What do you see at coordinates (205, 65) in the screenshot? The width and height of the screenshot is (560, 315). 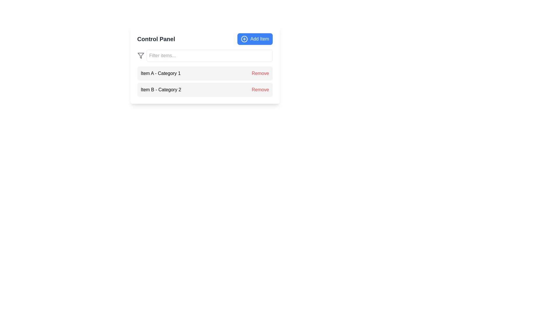 I see `the filter input field in the main interactive control panel for managing listed items` at bounding box center [205, 65].